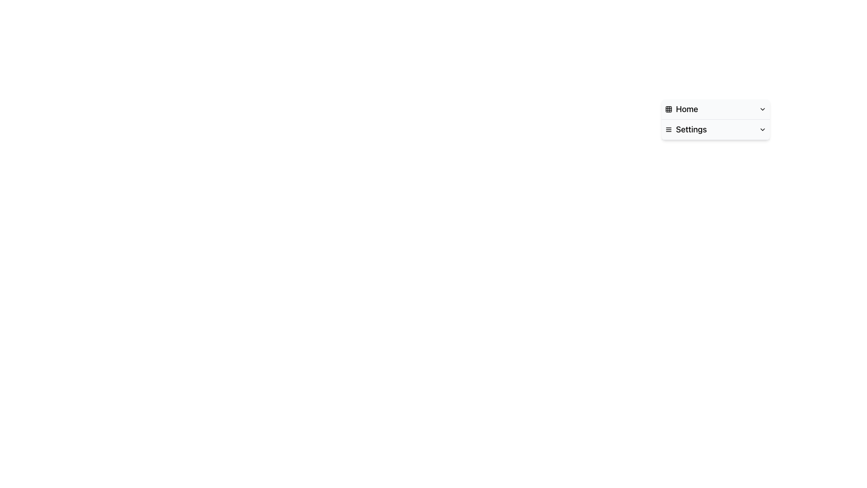  Describe the element at coordinates (762, 109) in the screenshot. I see `the Chevron Icon located to the far right of the 'Home' label in the vertical menu to trigger a tooltip or highlight effect` at that location.